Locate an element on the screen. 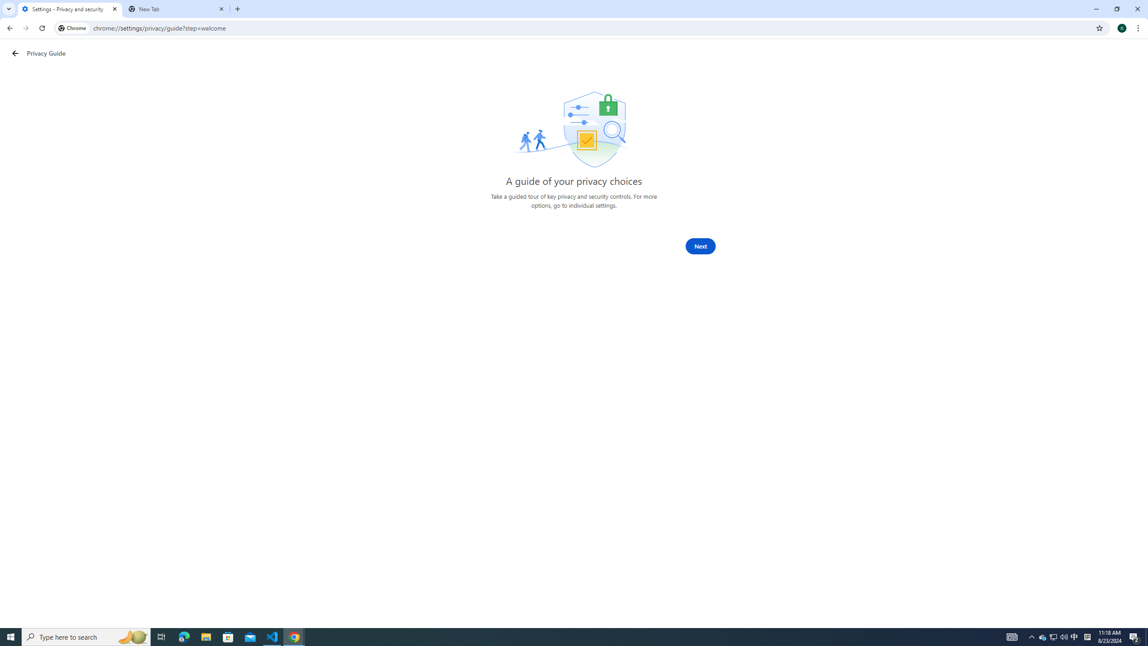 The width and height of the screenshot is (1148, 646). 'Next' is located at coordinates (700, 246).